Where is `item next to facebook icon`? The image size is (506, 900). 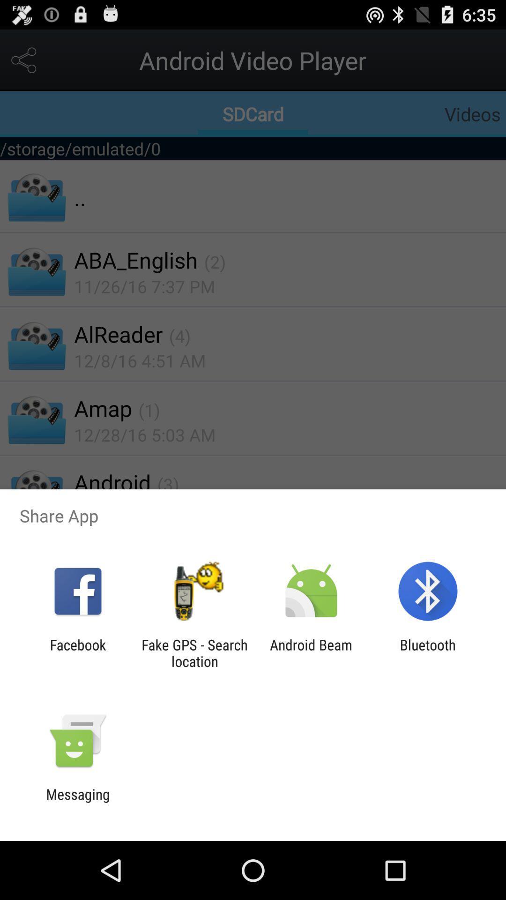
item next to facebook icon is located at coordinates (194, 652).